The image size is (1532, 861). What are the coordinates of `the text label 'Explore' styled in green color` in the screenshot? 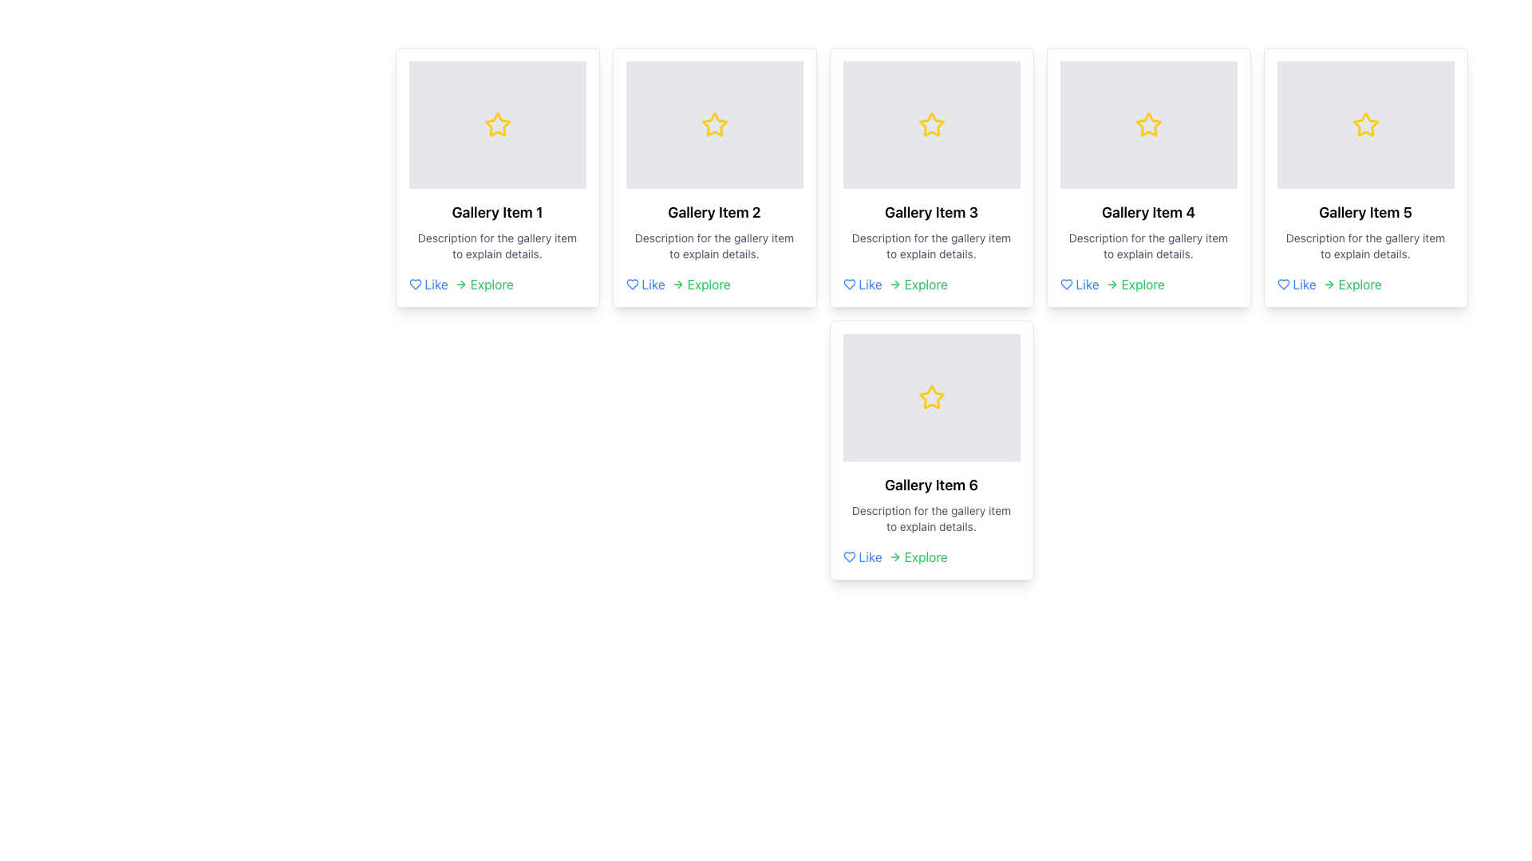 It's located at (701, 284).